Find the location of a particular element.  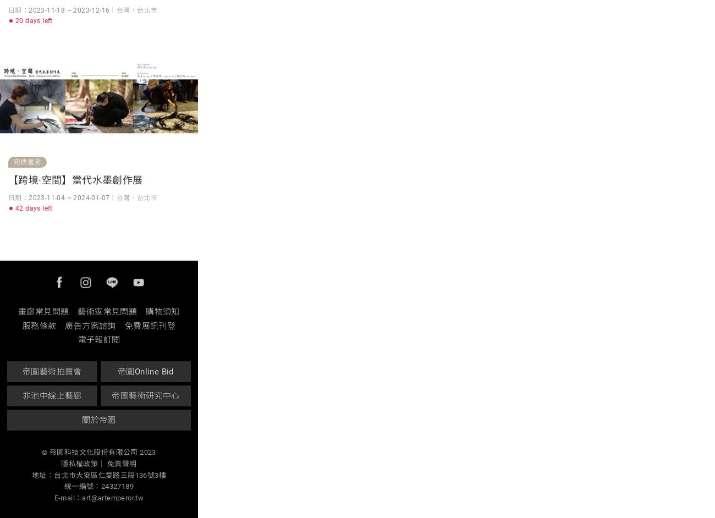

'地址｜台北市敬業二路69巷16號' is located at coordinates (77, 14).